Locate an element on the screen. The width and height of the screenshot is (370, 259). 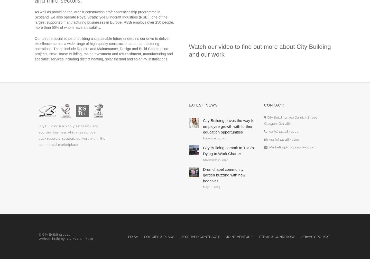
'Drumchapel community garden buzzing with new beehives' is located at coordinates (224, 175).